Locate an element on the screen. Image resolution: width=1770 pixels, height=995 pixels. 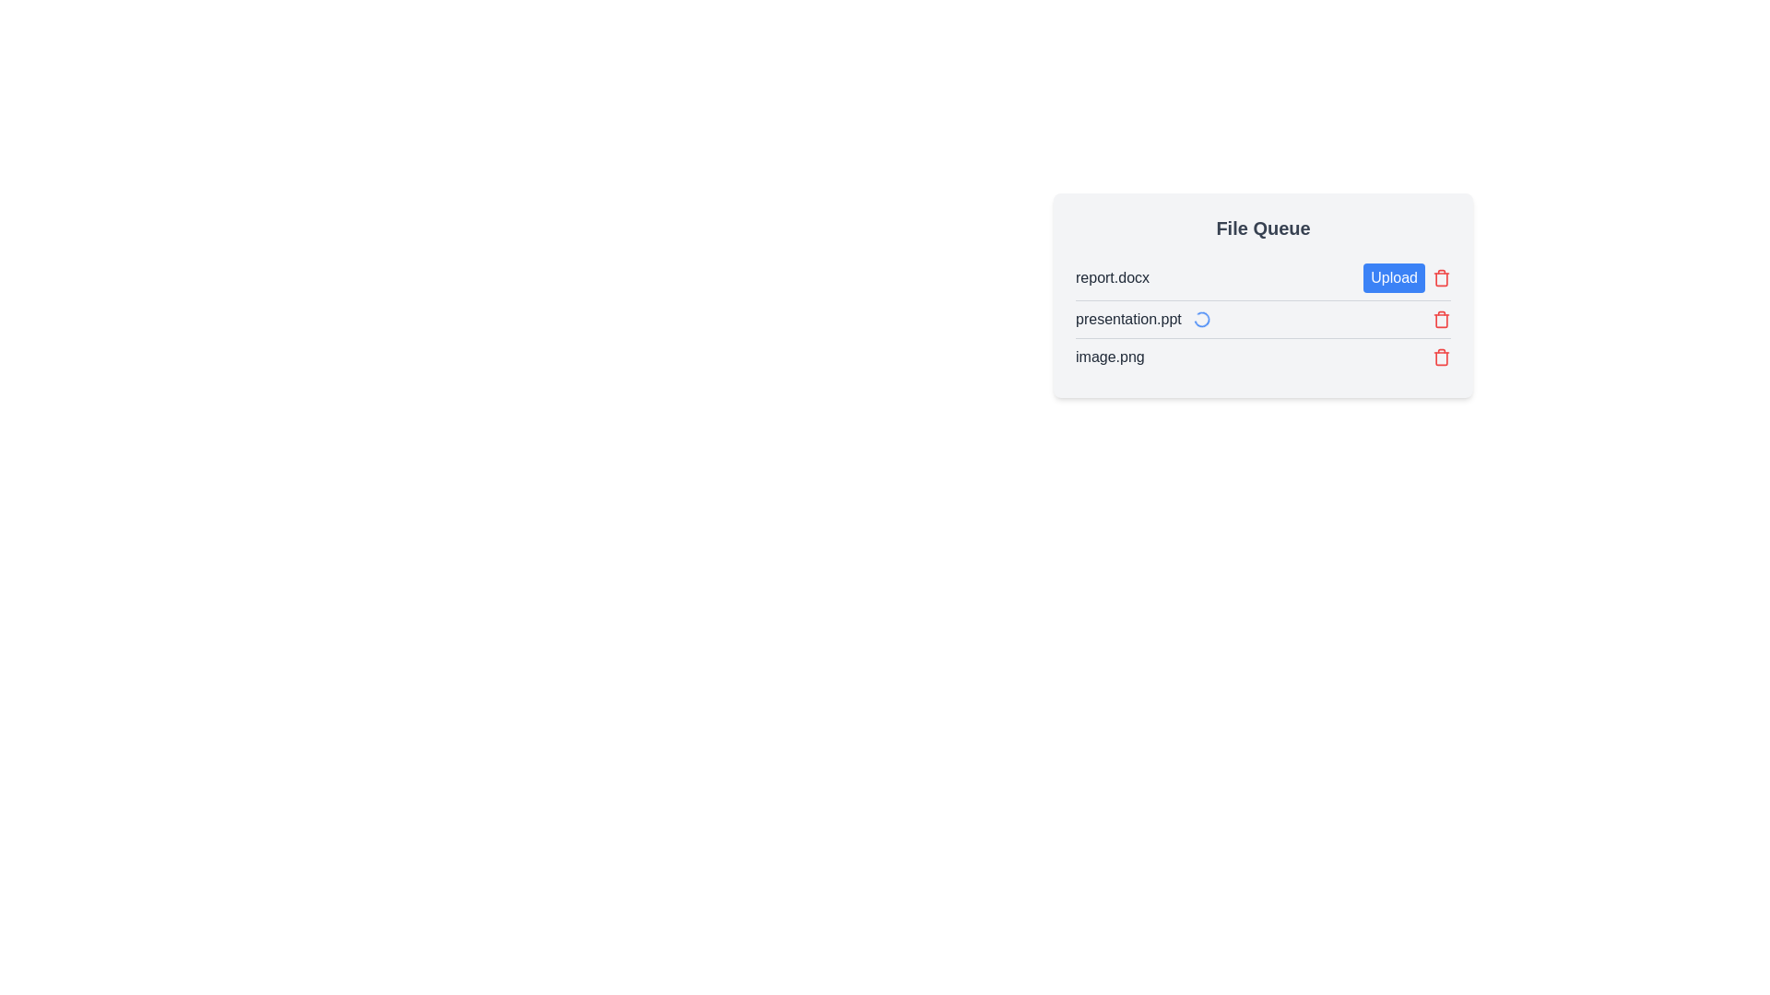
the file name 'presentation.ppt' in the second row of the file queue is located at coordinates (1262, 318).